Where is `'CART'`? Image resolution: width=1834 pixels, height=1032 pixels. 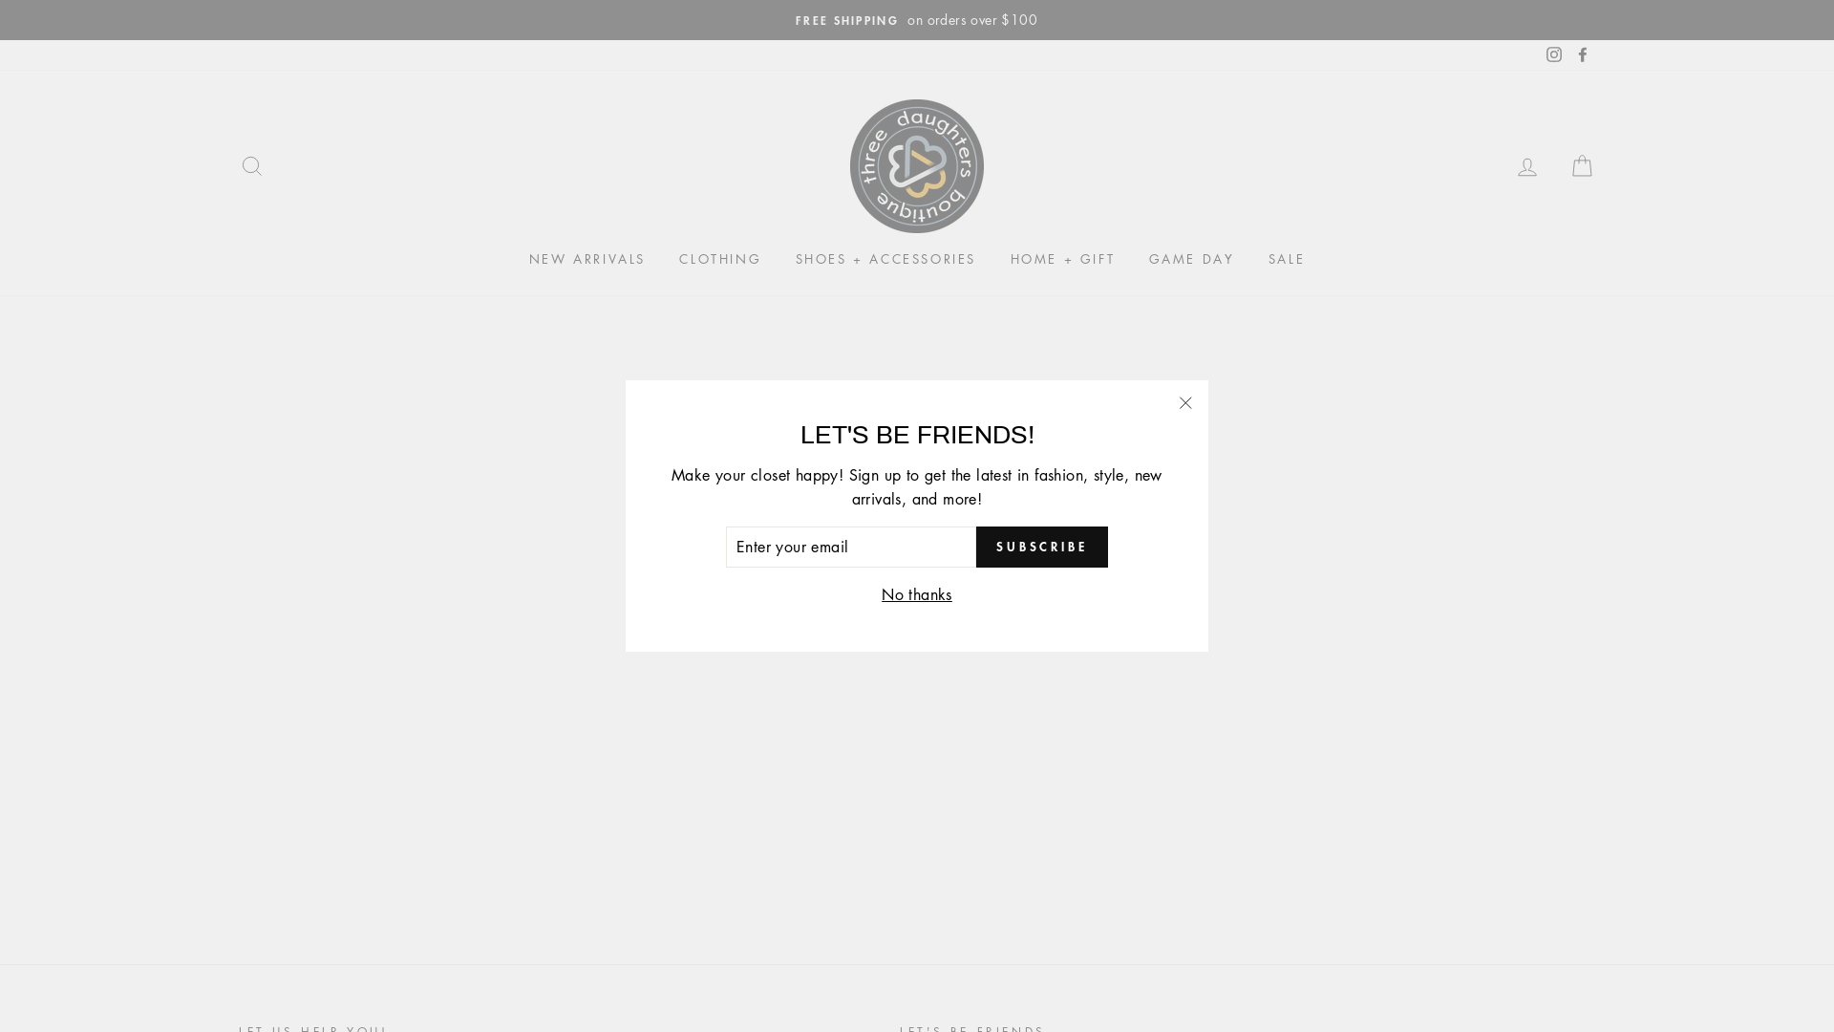 'CART' is located at coordinates (1582, 164).